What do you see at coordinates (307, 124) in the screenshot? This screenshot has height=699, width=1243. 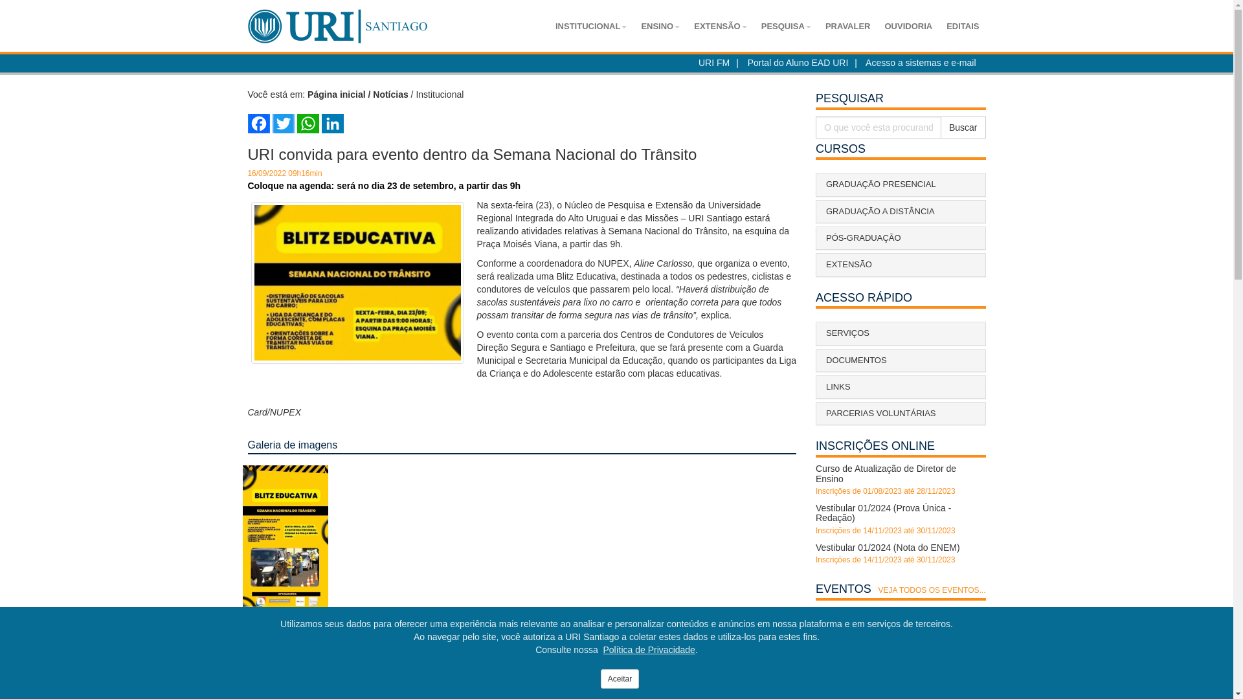 I see `'WhatsApp'` at bounding box center [307, 124].